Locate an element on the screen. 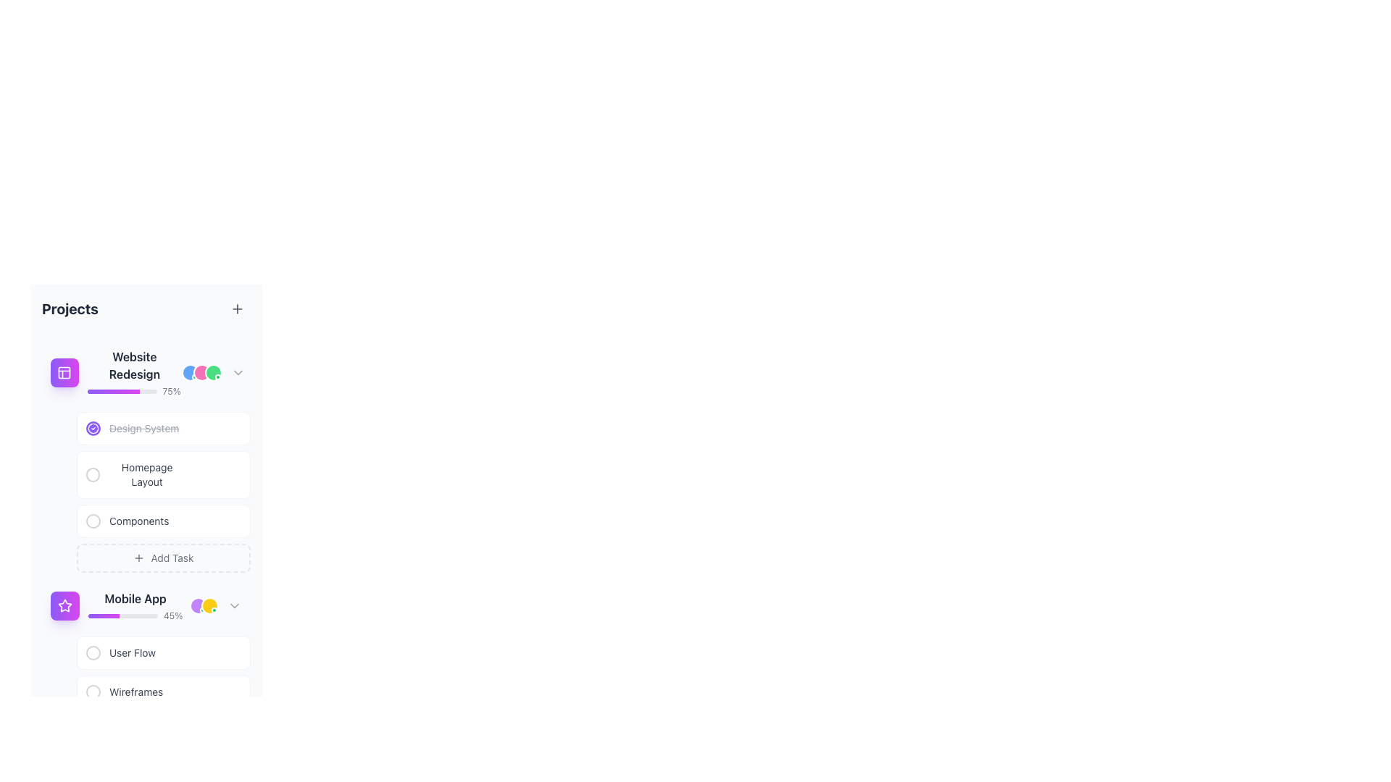 The height and width of the screenshot is (782, 1391). the circular Checkbox-like bullet or selection indicator located to the left of the 'Homepage Layout' text in the sidebar under the 'Website Redesign' section is located at coordinates (92, 474).